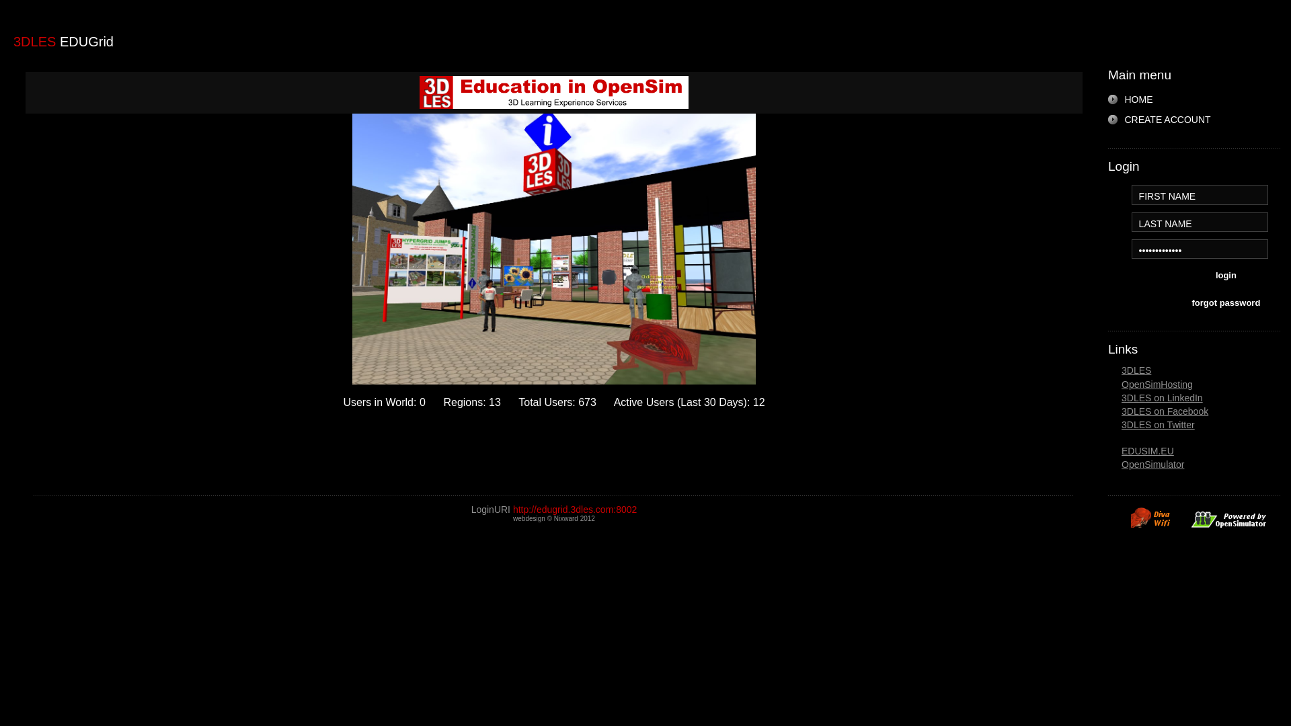  I want to click on '3DLES on Facebook', so click(1164, 411).